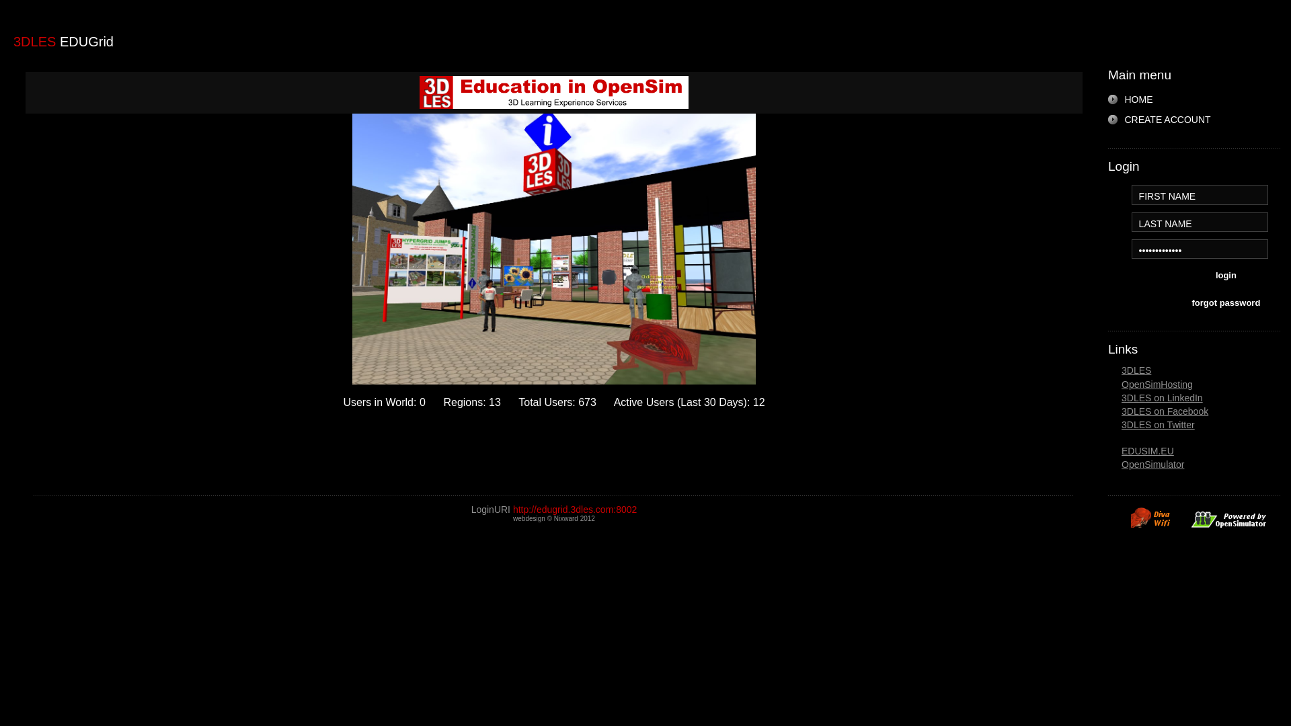  I want to click on '3DLES on Facebook', so click(1164, 411).